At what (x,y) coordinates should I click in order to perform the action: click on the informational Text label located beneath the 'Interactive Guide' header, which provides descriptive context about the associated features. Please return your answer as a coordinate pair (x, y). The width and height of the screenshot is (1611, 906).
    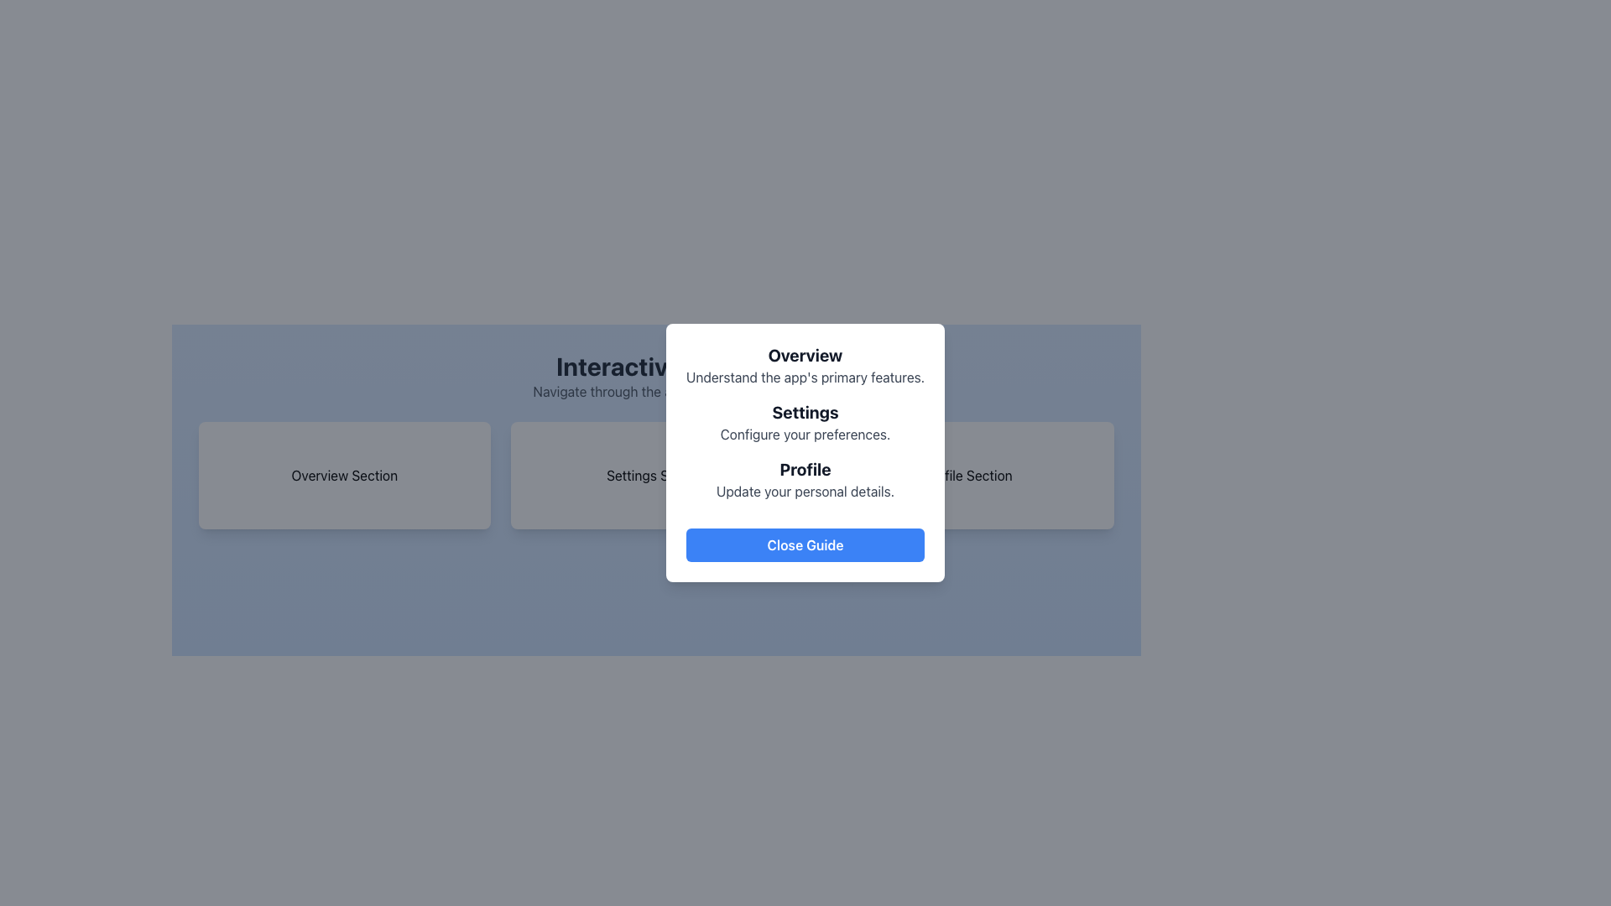
    Looking at the image, I should click on (655, 391).